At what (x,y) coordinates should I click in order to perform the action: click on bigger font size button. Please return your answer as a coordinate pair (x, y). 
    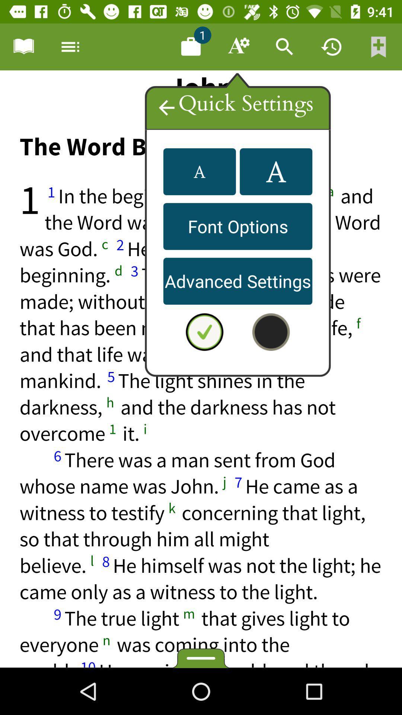
    Looking at the image, I should click on (276, 171).